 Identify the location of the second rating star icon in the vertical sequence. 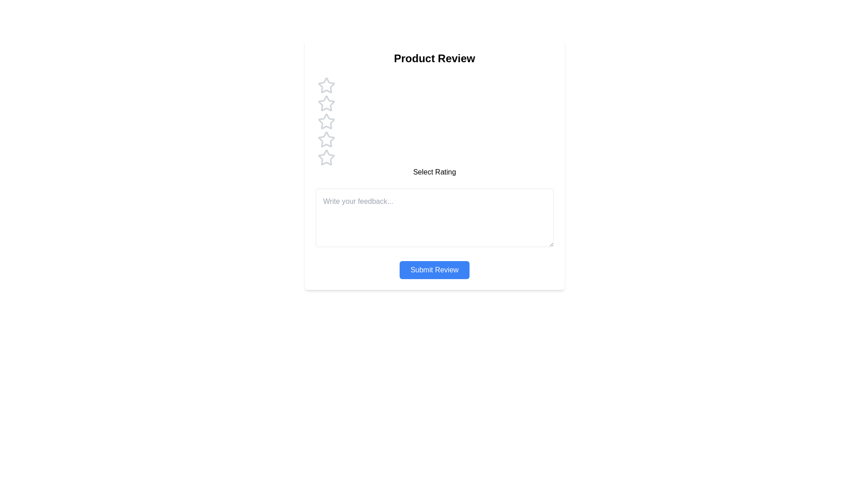
(326, 103).